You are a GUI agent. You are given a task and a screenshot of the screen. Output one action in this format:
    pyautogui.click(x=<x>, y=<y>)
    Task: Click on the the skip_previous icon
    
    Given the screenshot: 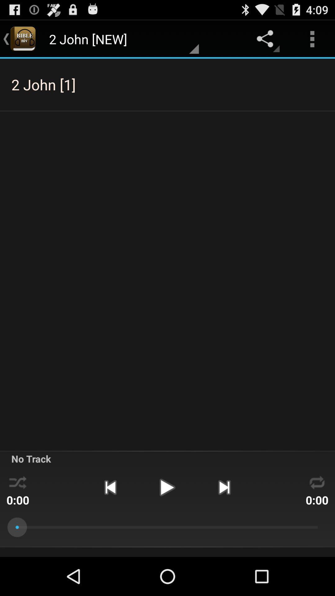 What is the action you would take?
    pyautogui.click(x=110, y=521)
    